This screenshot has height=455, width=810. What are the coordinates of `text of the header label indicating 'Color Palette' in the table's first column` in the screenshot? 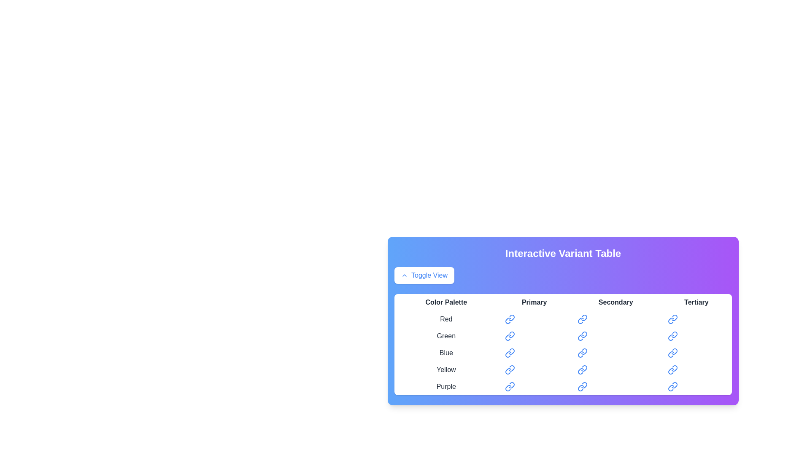 It's located at (445, 302).